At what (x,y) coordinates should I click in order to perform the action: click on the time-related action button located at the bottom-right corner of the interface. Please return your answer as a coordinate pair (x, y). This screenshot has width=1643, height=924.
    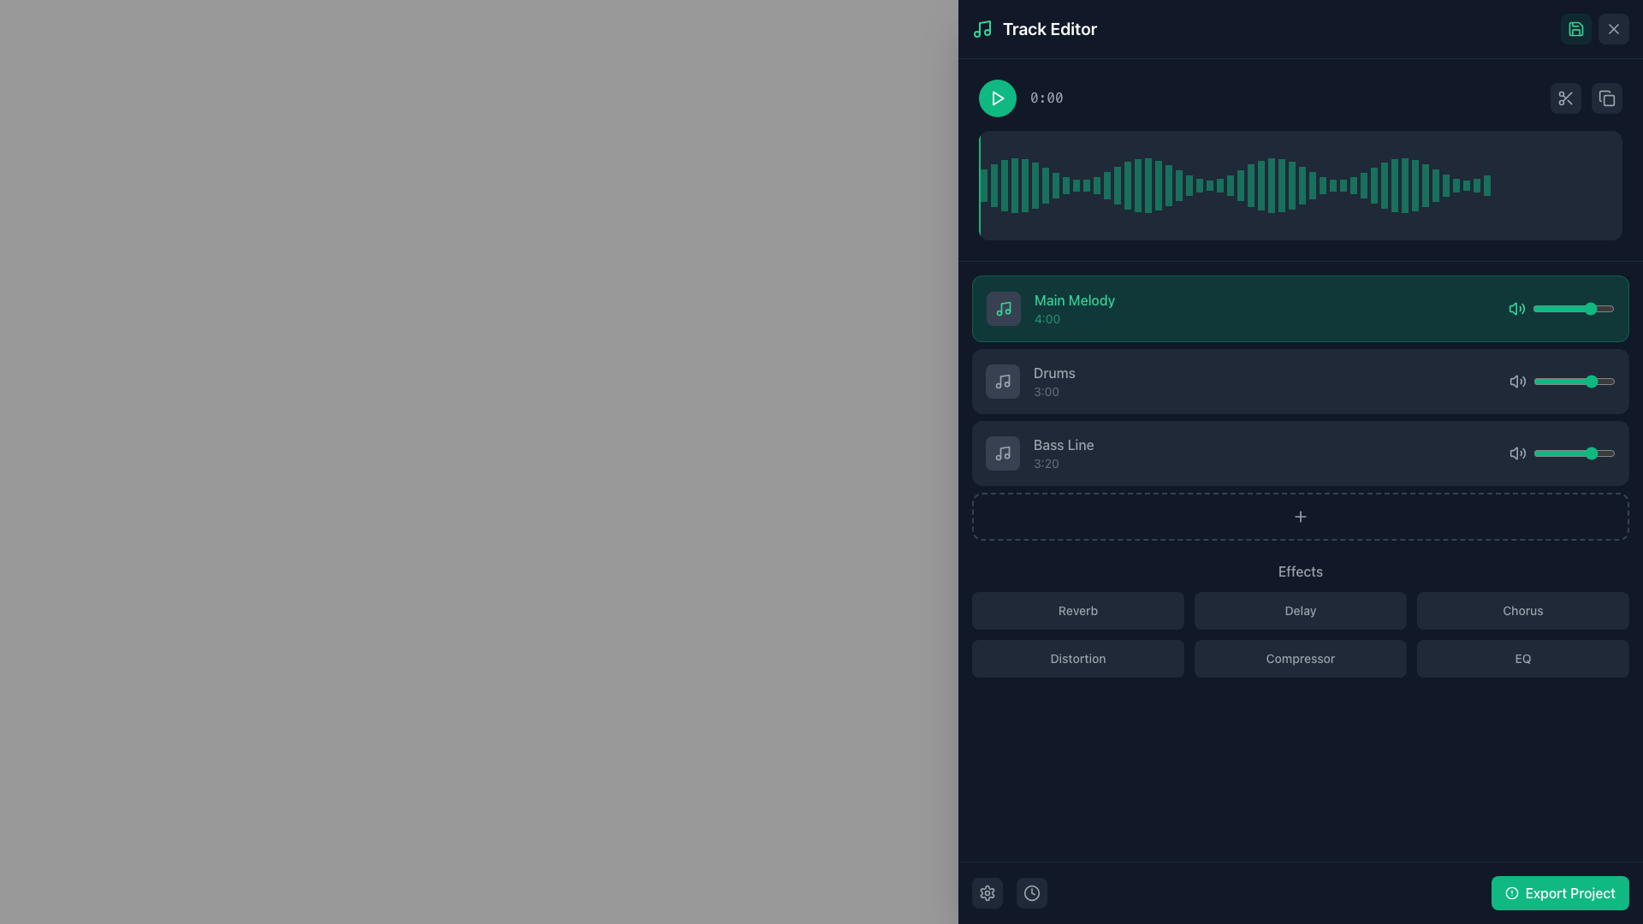
    Looking at the image, I should click on (1030, 892).